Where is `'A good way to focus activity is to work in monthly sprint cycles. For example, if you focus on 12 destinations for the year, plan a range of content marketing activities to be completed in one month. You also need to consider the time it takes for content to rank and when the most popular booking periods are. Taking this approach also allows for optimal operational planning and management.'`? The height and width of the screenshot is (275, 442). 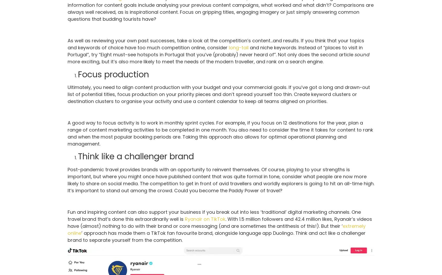
'A good way to focus activity is to work in monthly sprint cycles. For example, if you focus on 12 destinations for the year, plan a range of content marketing activities to be completed in one month. You also need to consider the time it takes for content to rank and when the most popular booking periods are. Taking this approach also allows for optimal operational planning and management.' is located at coordinates (220, 133).